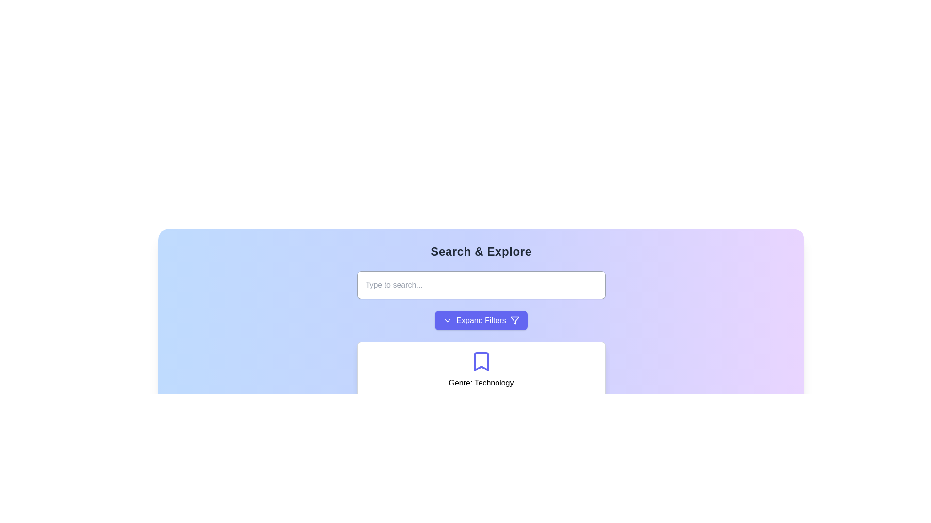 The width and height of the screenshot is (931, 523). I want to click on the 'Expand Filters' text label located within the purple button, so click(481, 321).